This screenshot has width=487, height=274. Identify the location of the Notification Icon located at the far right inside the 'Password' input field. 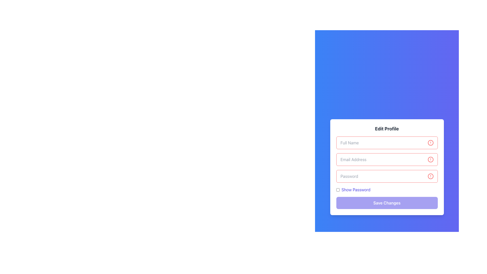
(430, 176).